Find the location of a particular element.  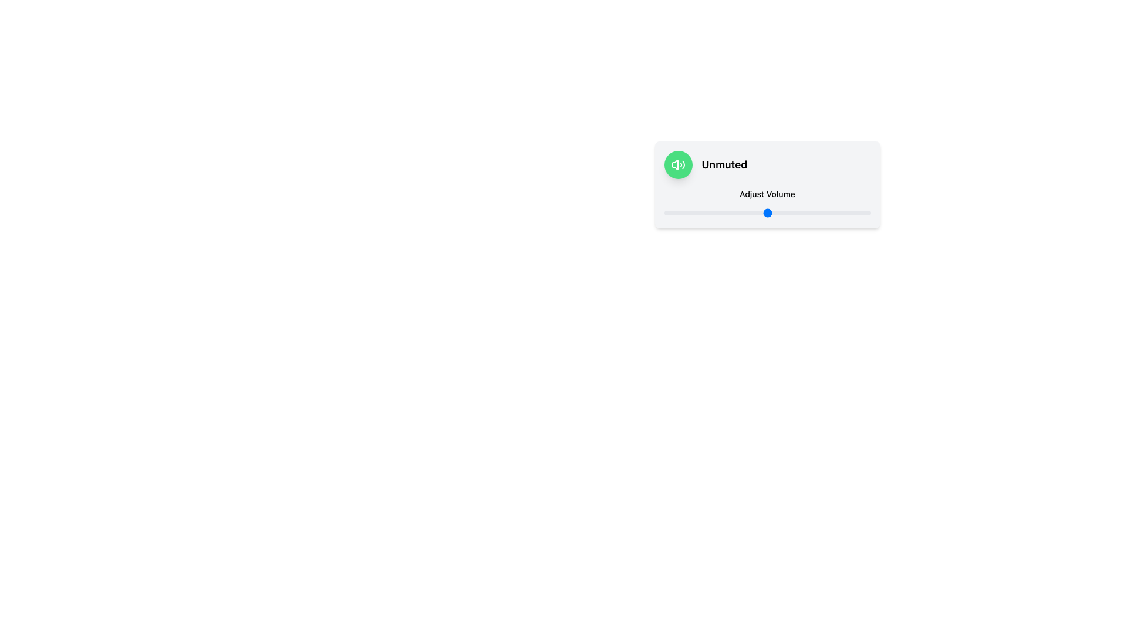

the 'Unmuted' feedback text label is located at coordinates (724, 165).